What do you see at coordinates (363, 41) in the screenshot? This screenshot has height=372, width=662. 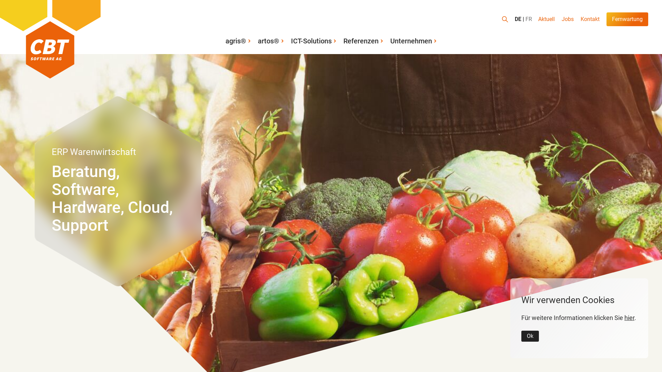 I see `'Referenzen'` at bounding box center [363, 41].